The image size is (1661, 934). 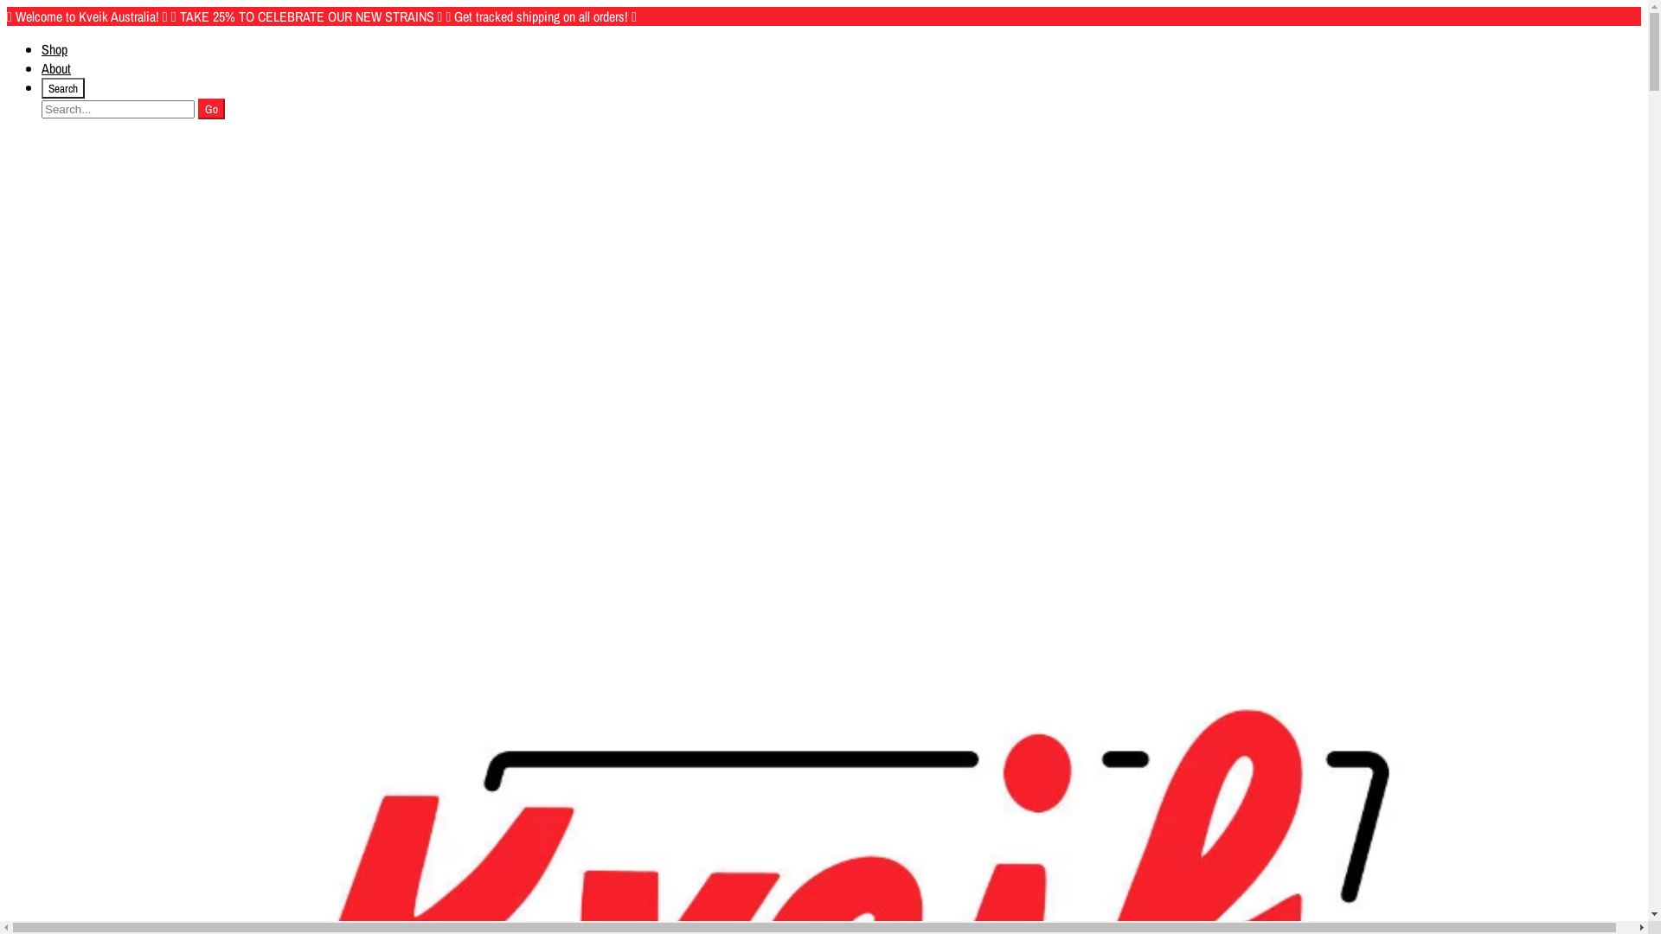 I want to click on 'About', so click(x=56, y=67).